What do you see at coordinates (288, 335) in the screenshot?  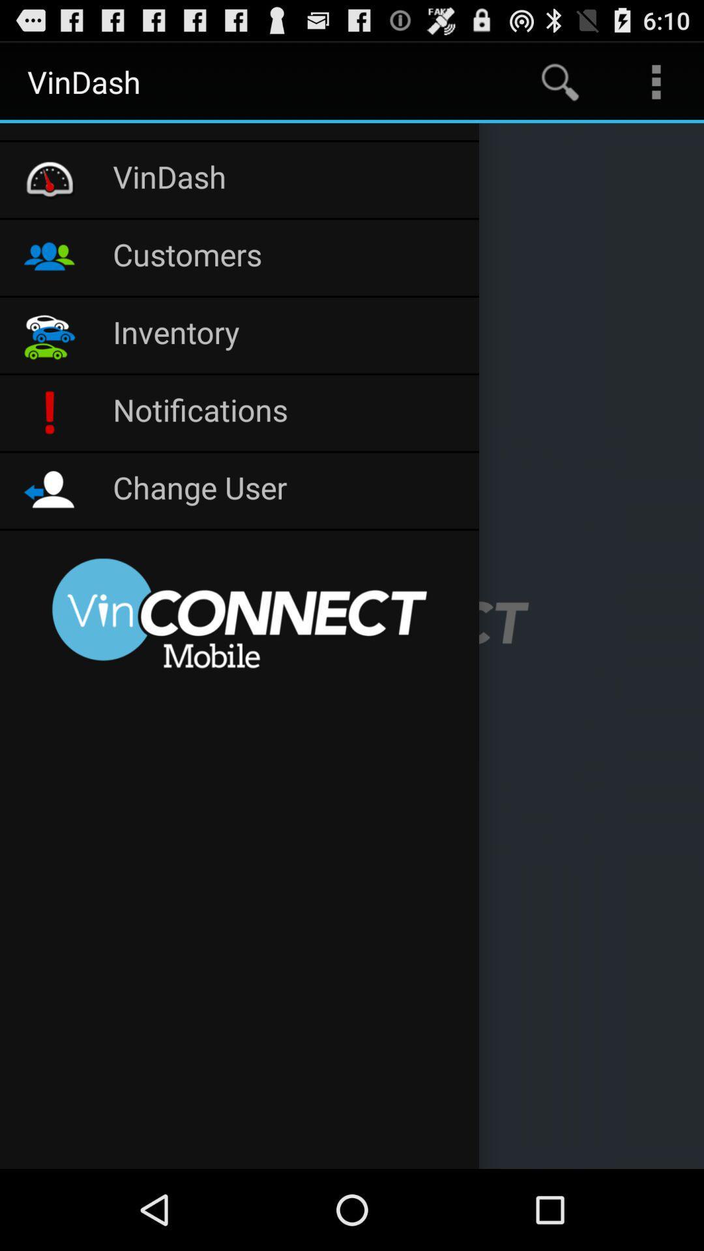 I see `the item below customers item` at bounding box center [288, 335].